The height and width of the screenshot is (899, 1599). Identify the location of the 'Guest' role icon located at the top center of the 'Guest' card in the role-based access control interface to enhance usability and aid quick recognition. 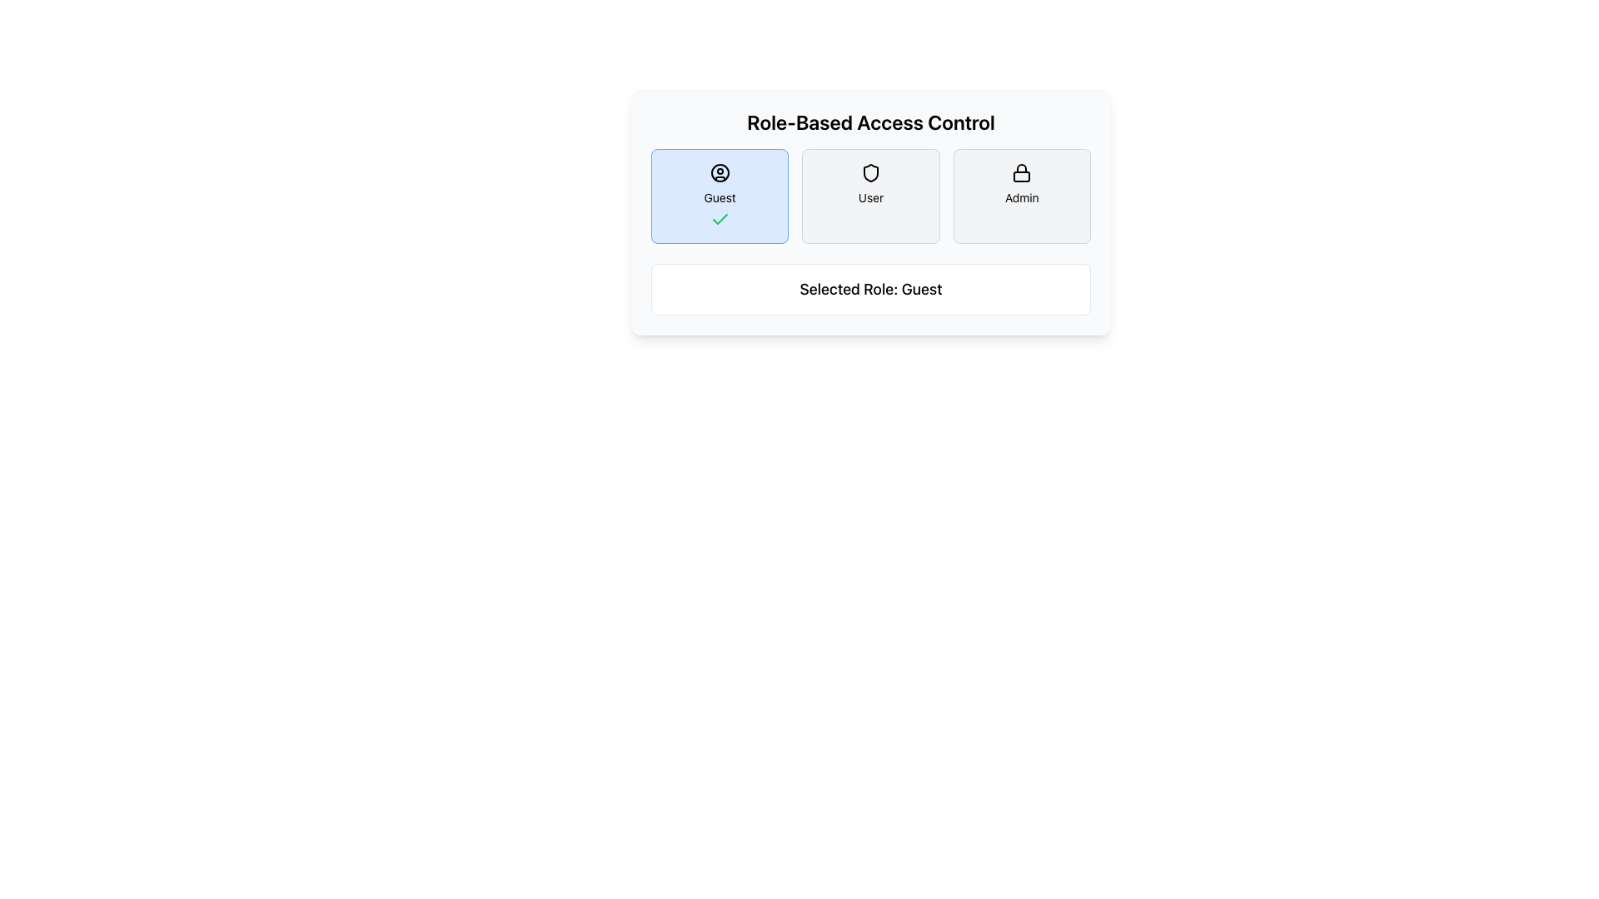
(720, 173).